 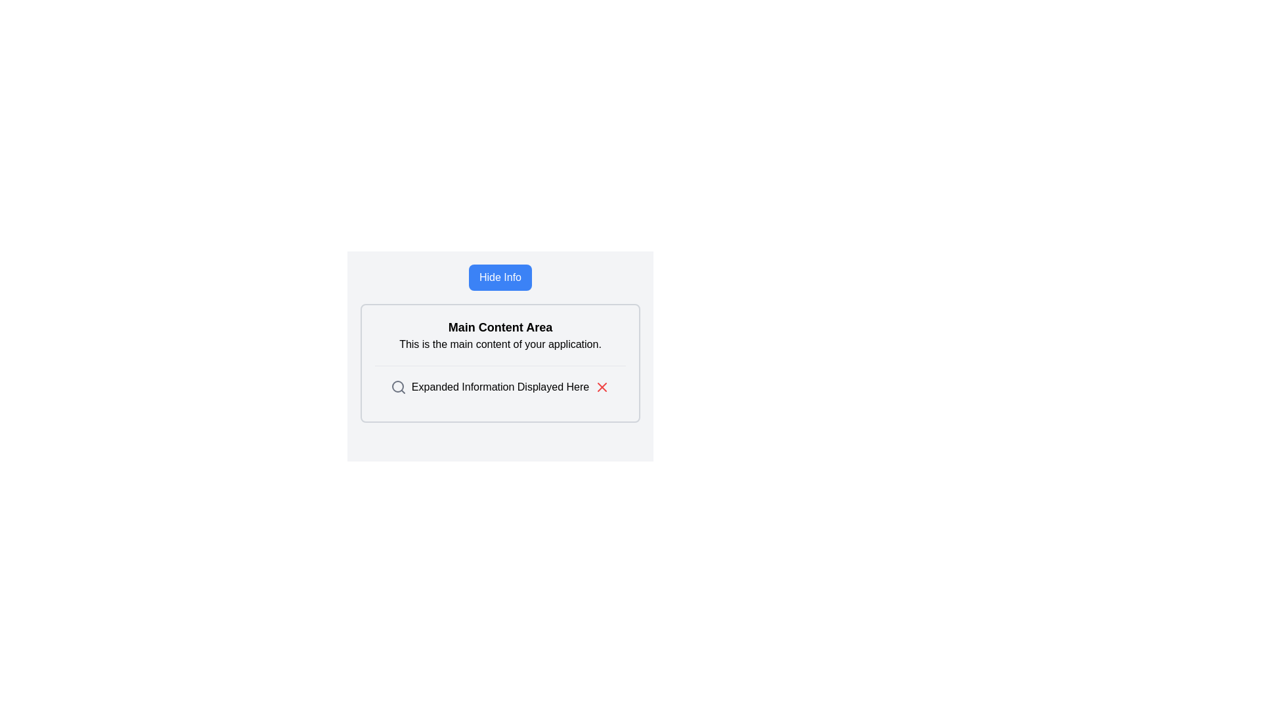 I want to click on the search icon resembling a magnifying glass, which is located to the immediate left of the text 'Expanded Information Displayed Here', so click(x=397, y=387).